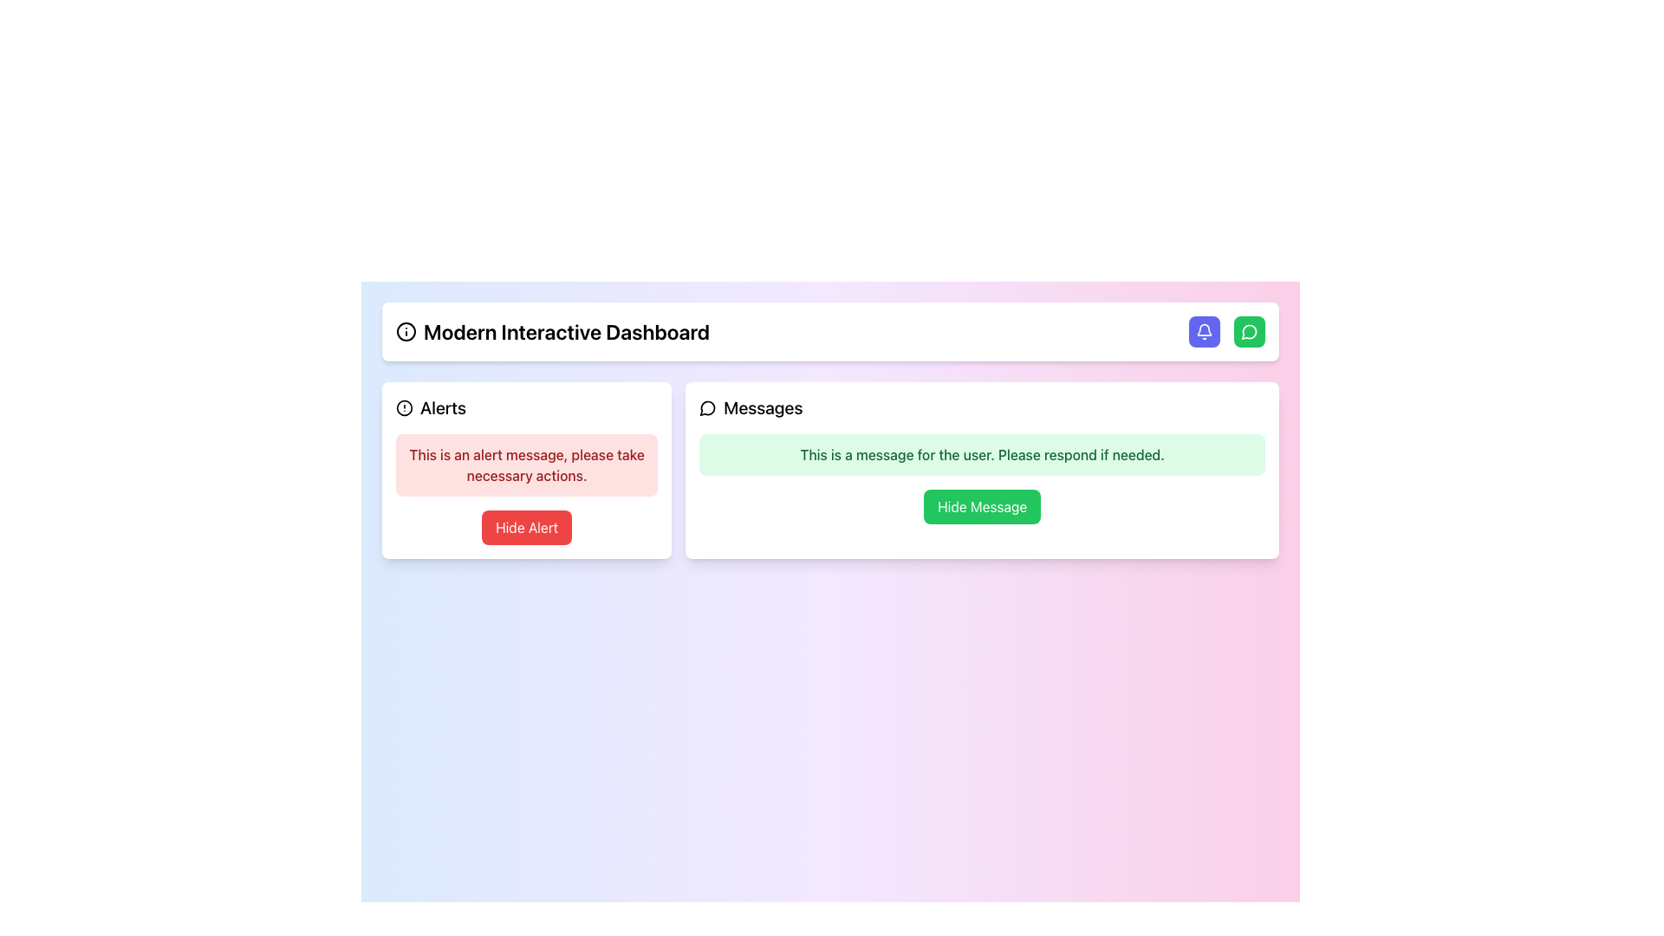 Image resolution: width=1664 pixels, height=936 pixels. Describe the element at coordinates (1249, 331) in the screenshot. I see `the messaging icon located at the top-right of the interface, which has a green background and rounded corners` at that location.